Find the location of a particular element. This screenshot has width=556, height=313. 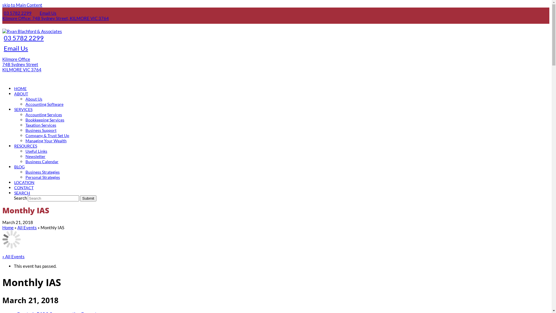

'CONTACT' is located at coordinates (23, 188).